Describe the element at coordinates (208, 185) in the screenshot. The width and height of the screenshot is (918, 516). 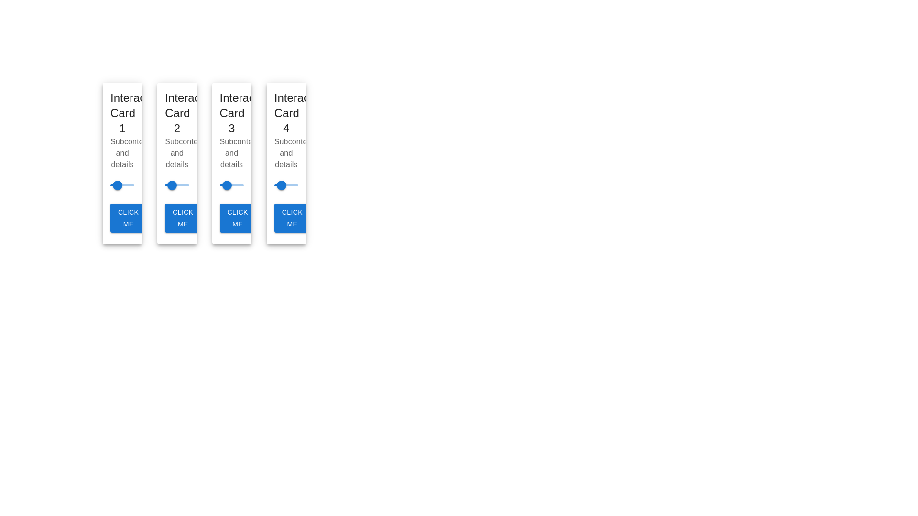
I see `the slider value` at that location.